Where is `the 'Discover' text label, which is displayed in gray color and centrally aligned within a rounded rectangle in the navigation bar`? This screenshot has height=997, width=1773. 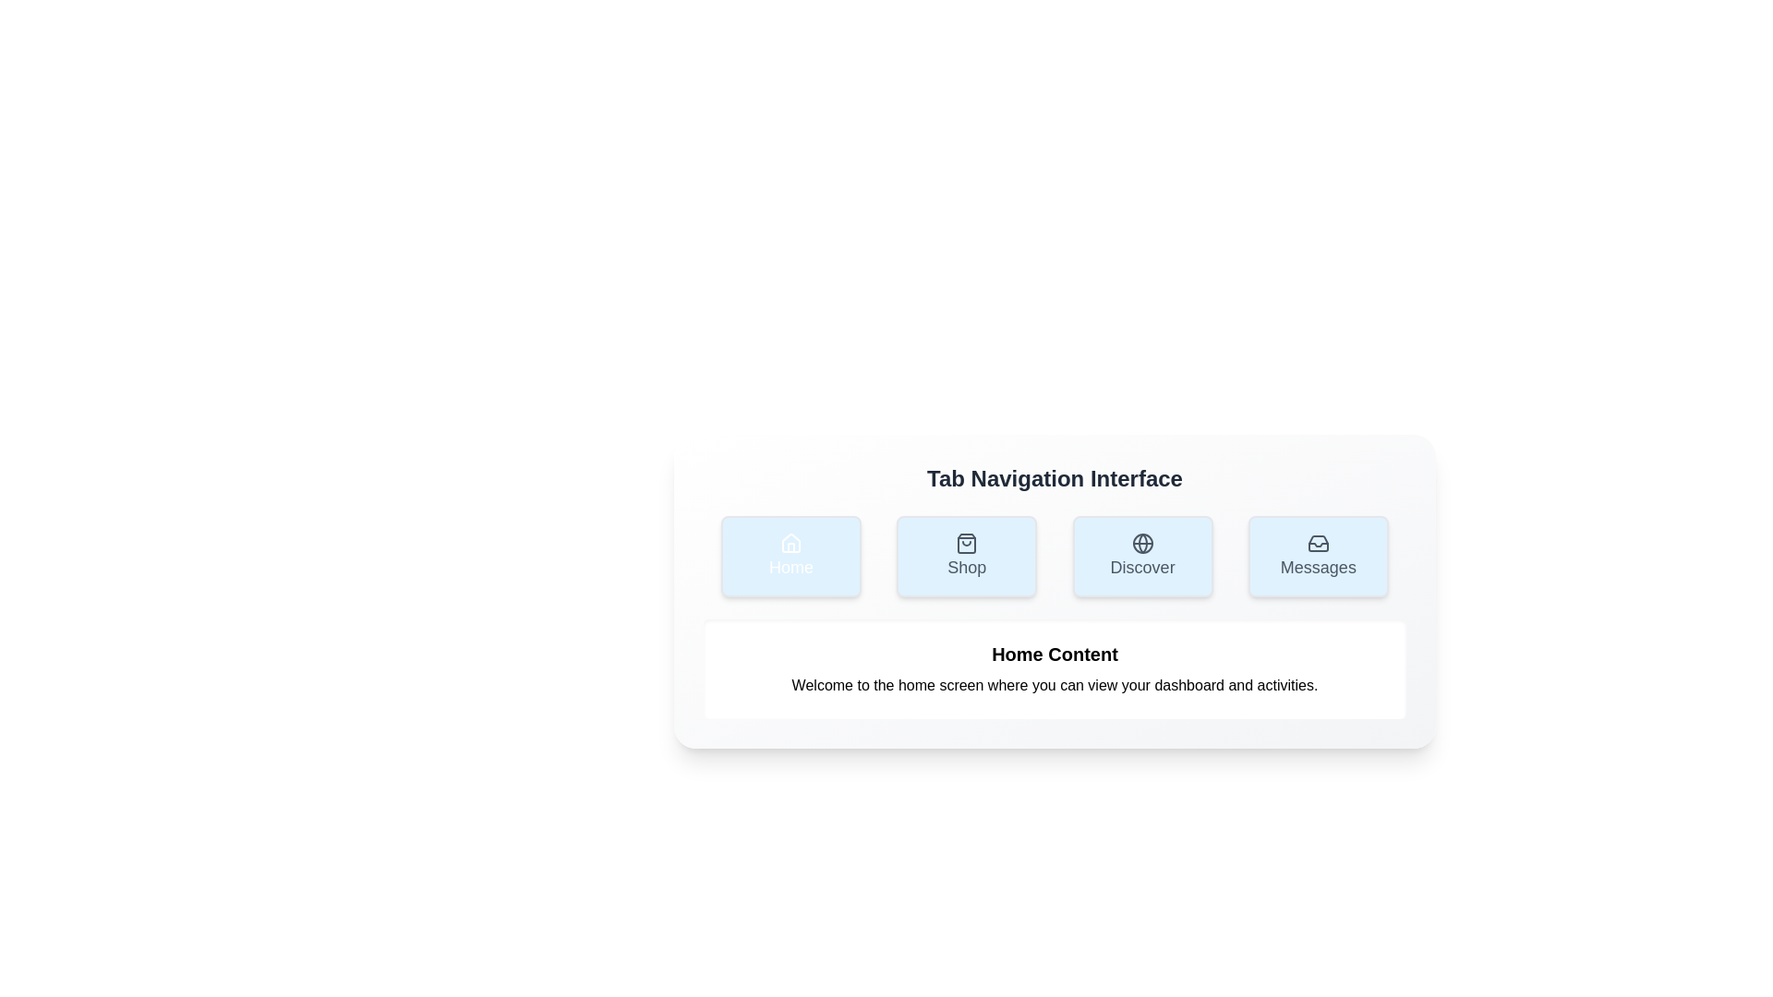 the 'Discover' text label, which is displayed in gray color and centrally aligned within a rounded rectangle in the navigation bar is located at coordinates (1141, 566).